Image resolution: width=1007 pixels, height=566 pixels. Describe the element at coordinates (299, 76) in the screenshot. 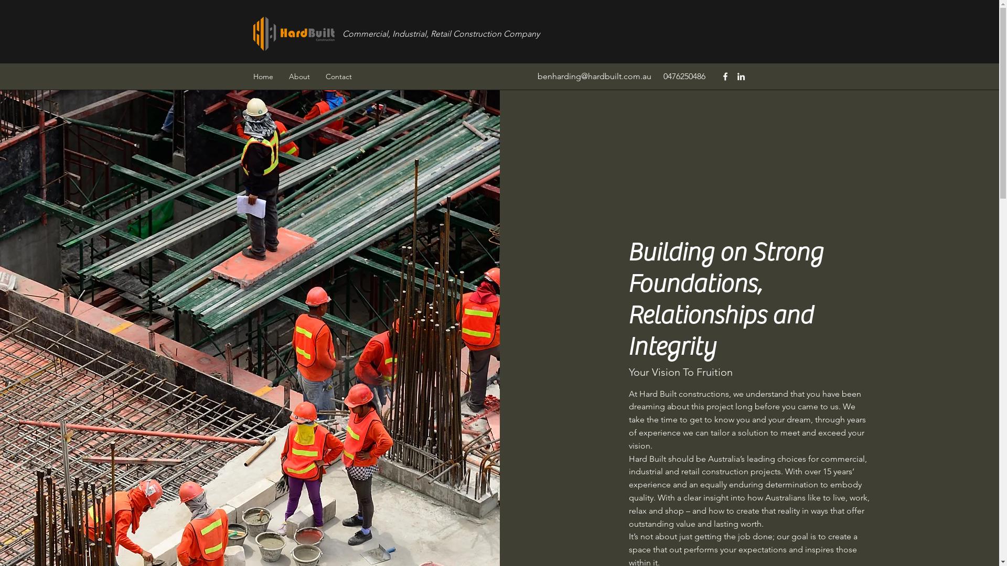

I see `'About'` at that location.